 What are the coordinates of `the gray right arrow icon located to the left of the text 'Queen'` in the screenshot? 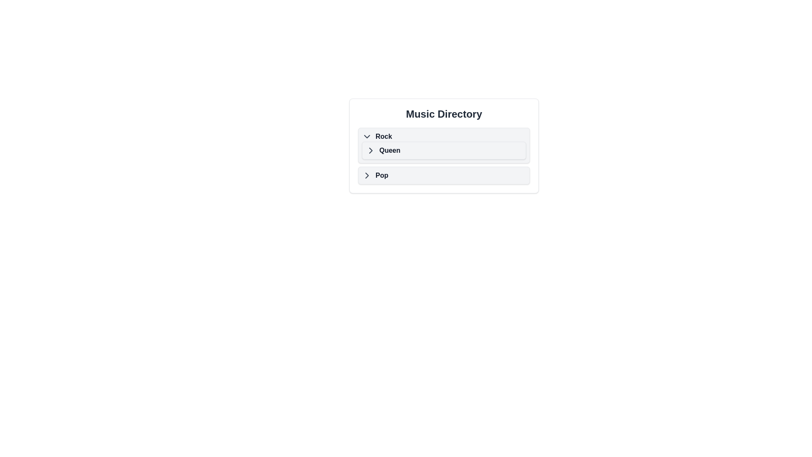 It's located at (371, 150).